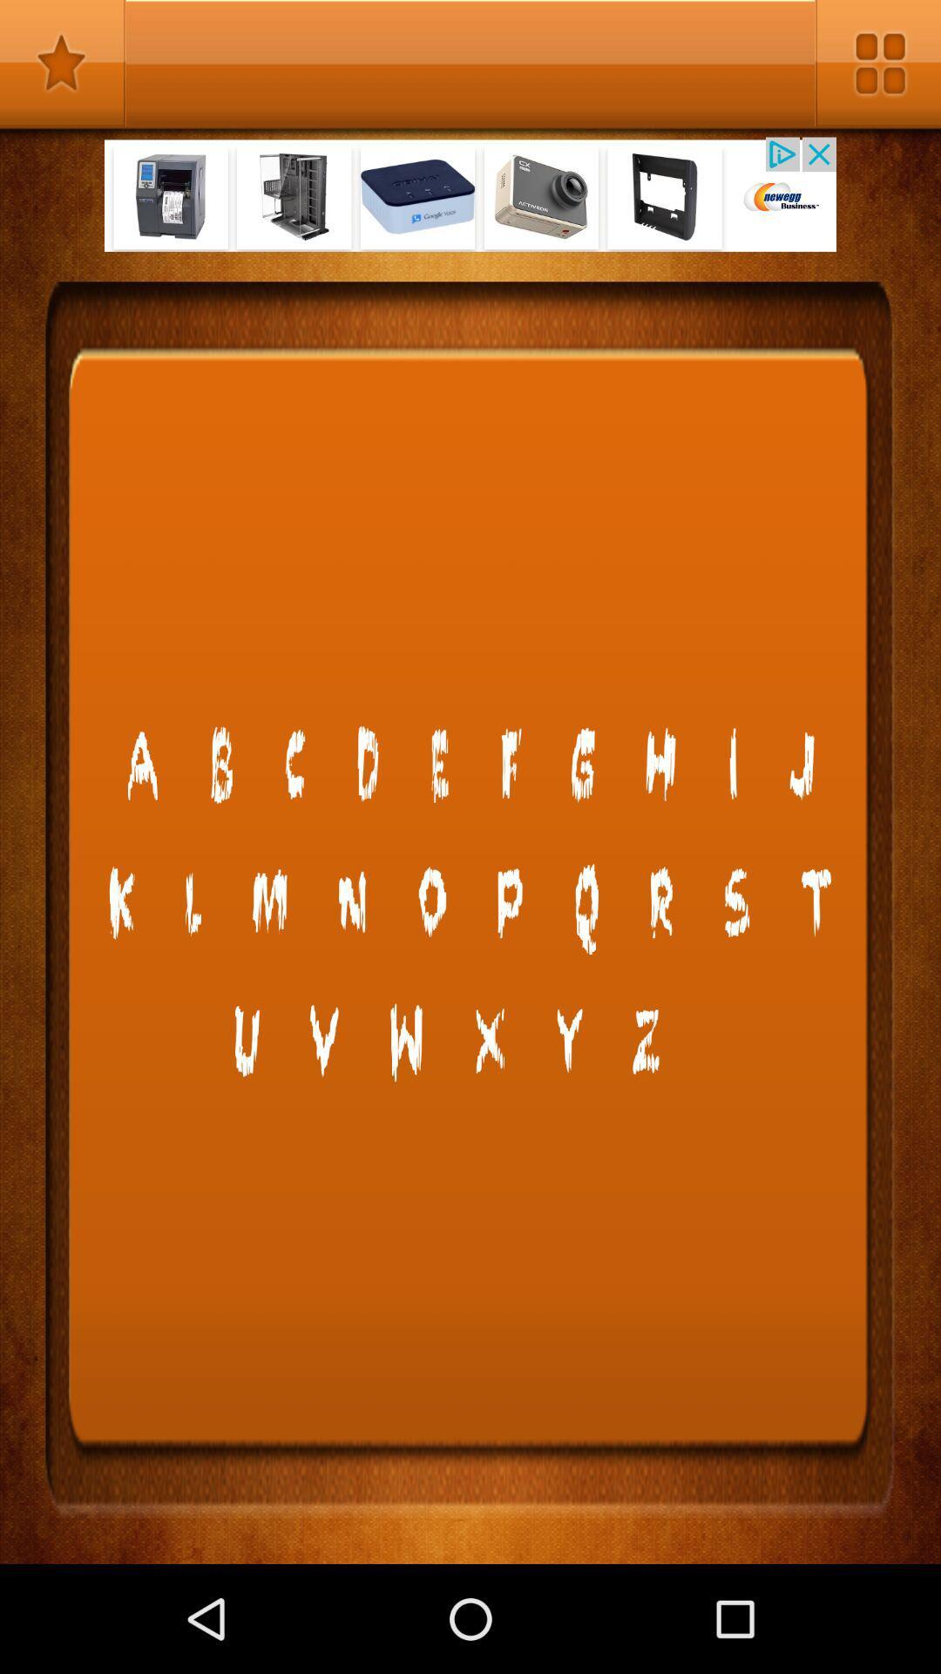 This screenshot has width=941, height=1674. What do you see at coordinates (62, 63) in the screenshot?
I see `star rating` at bounding box center [62, 63].